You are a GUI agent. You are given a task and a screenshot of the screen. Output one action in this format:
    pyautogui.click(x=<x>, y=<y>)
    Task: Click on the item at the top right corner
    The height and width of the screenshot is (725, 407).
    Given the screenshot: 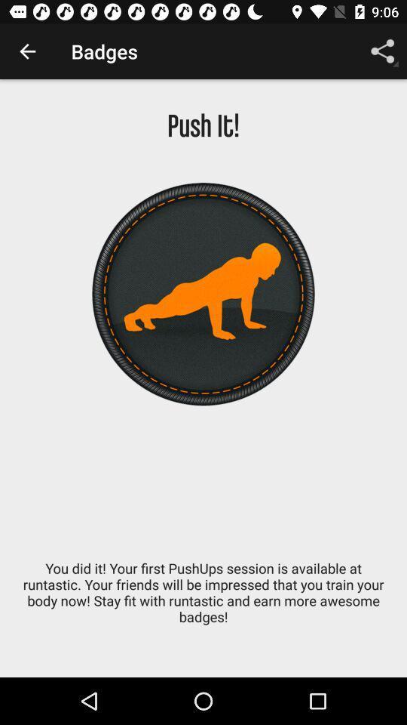 What is the action you would take?
    pyautogui.click(x=383, y=51)
    